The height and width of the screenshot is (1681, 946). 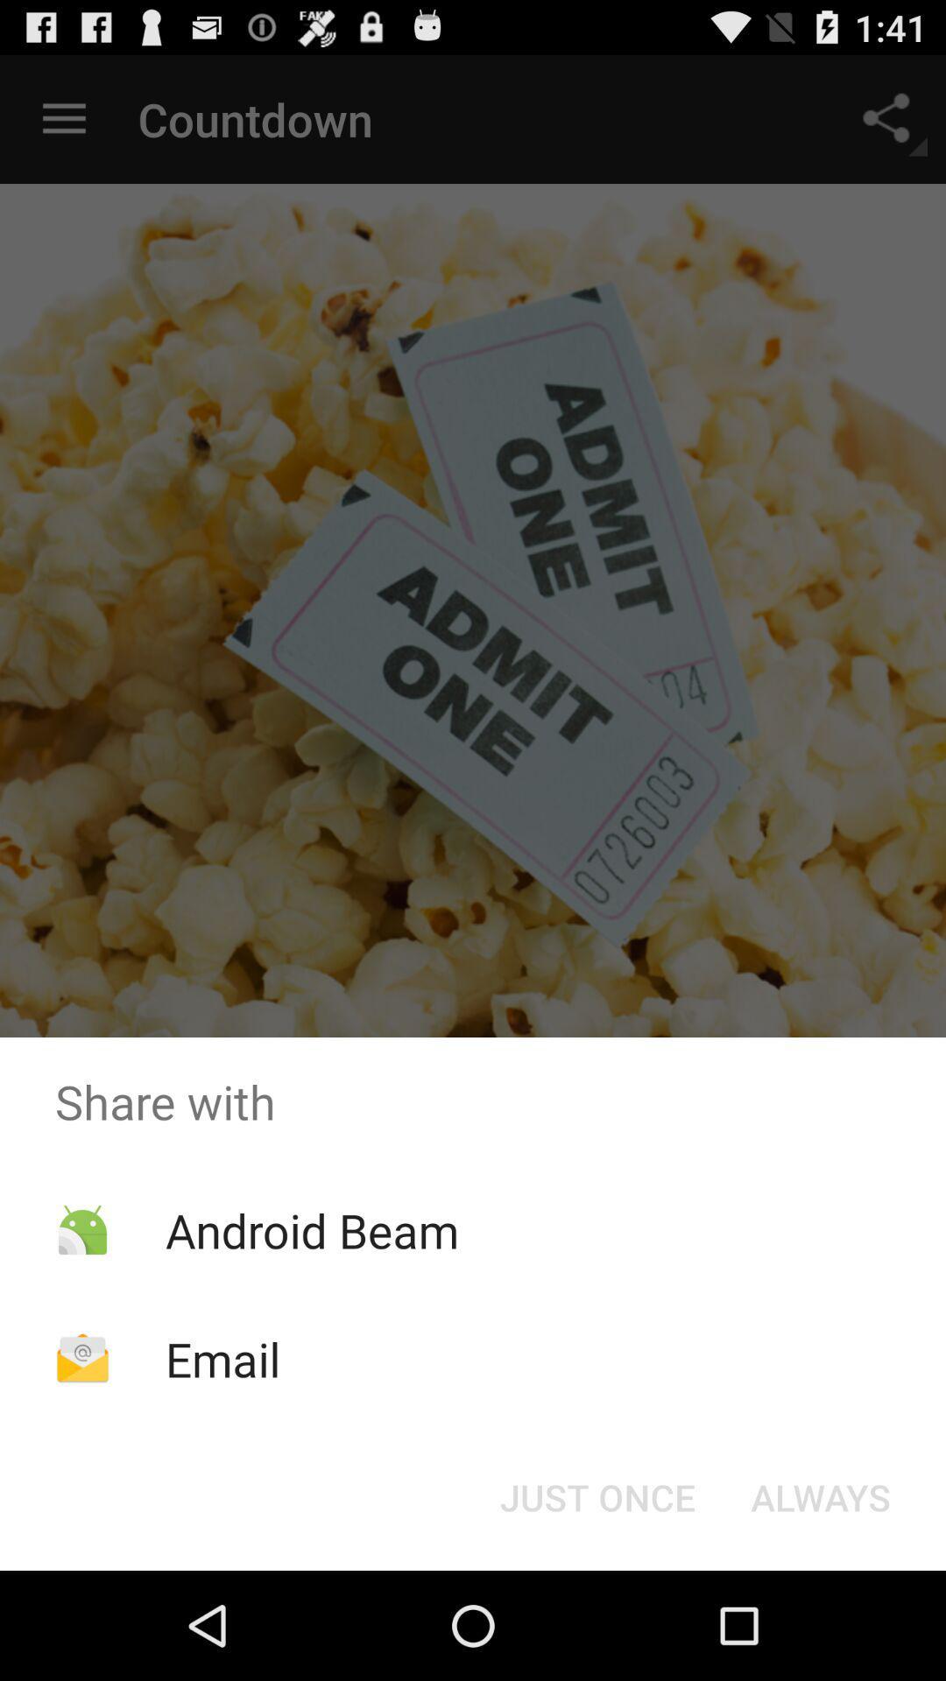 What do you see at coordinates (821, 1495) in the screenshot?
I see `the button next to just once button` at bounding box center [821, 1495].